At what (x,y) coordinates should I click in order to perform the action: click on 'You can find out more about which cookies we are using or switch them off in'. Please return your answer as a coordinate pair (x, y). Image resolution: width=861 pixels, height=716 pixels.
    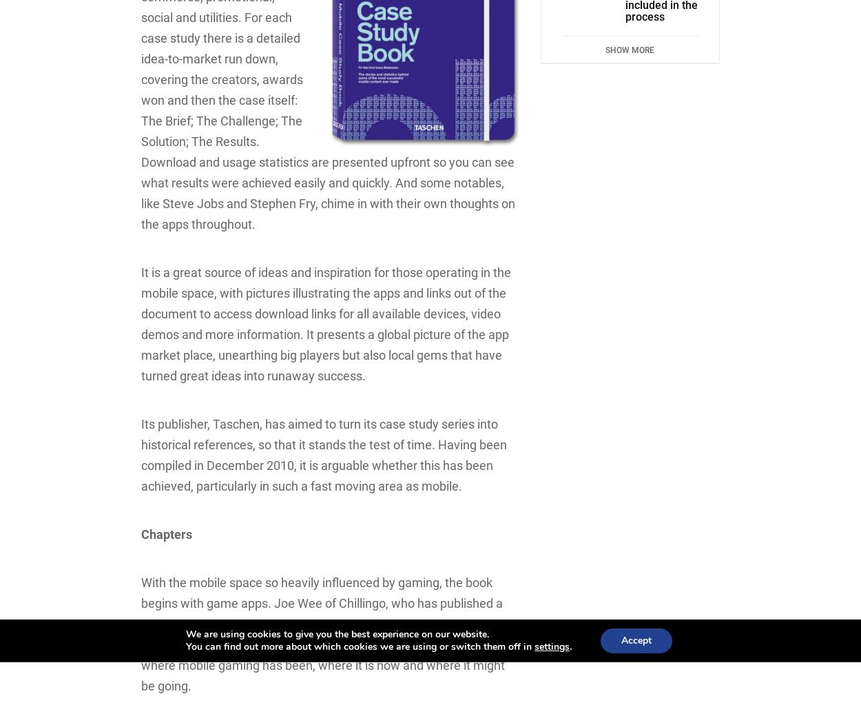
    Looking at the image, I should click on (186, 646).